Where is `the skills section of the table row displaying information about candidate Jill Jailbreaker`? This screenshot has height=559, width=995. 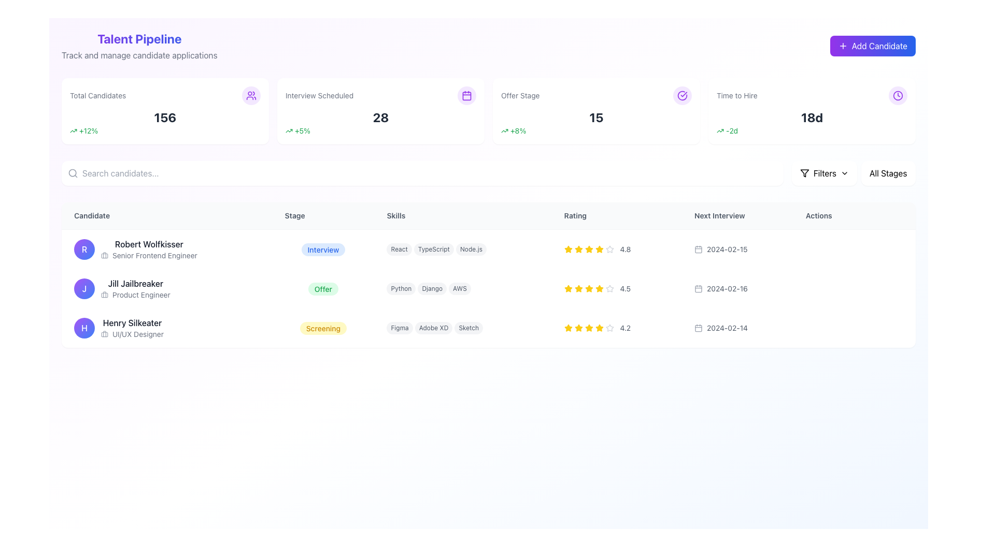
the skills section of the table row displaying information about candidate Jill Jailbreaker is located at coordinates (488, 289).